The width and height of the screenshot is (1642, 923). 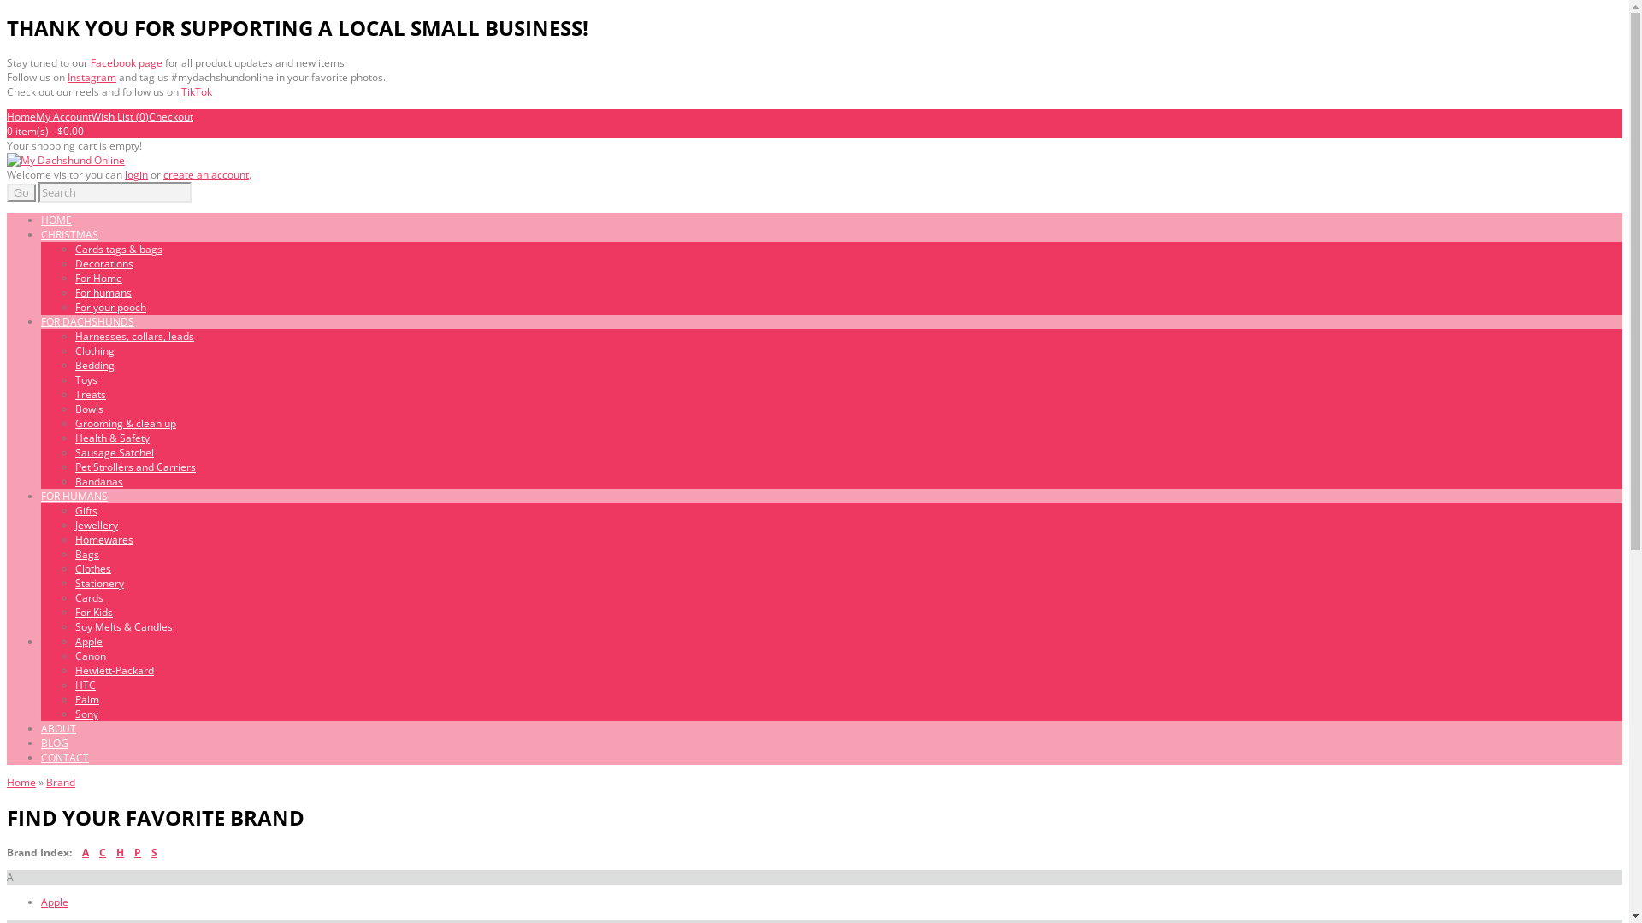 What do you see at coordinates (63, 115) in the screenshot?
I see `'My Account'` at bounding box center [63, 115].